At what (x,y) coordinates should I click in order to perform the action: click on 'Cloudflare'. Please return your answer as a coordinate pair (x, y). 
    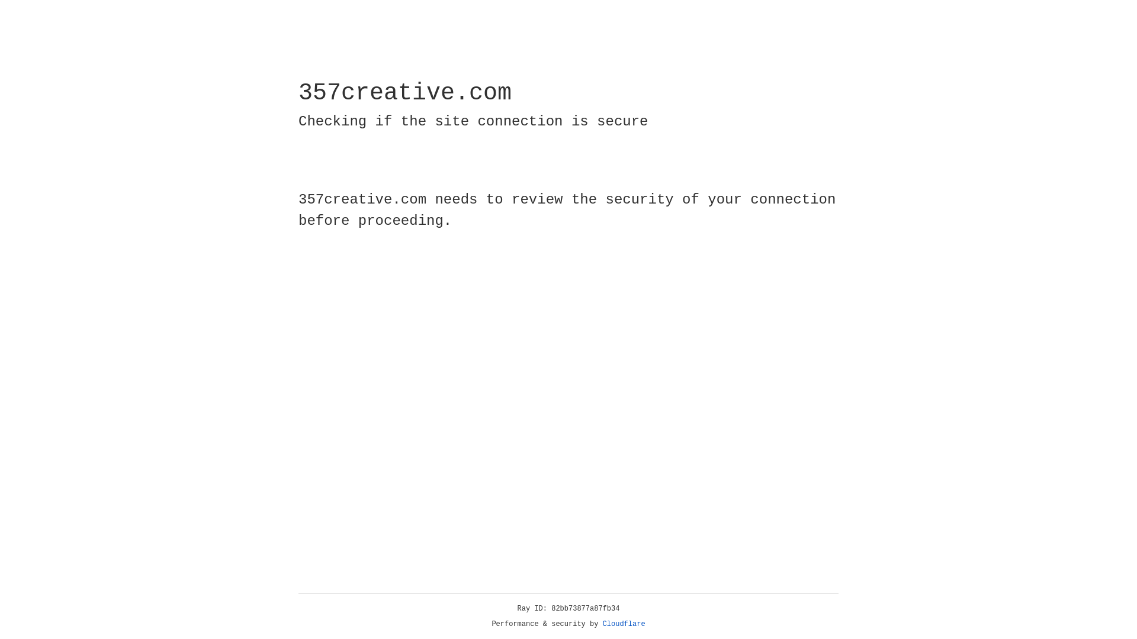
    Looking at the image, I should click on (624, 624).